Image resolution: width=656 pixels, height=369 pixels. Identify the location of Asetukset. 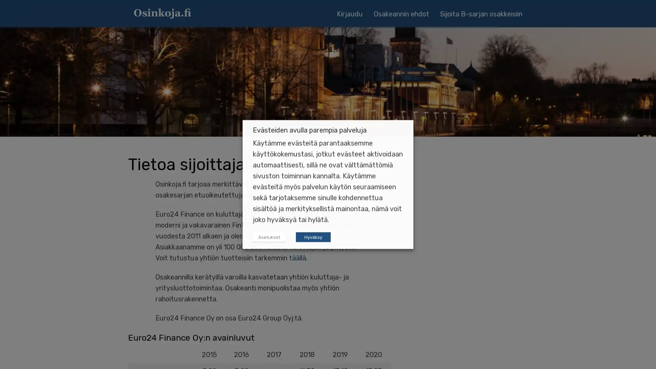
(269, 237).